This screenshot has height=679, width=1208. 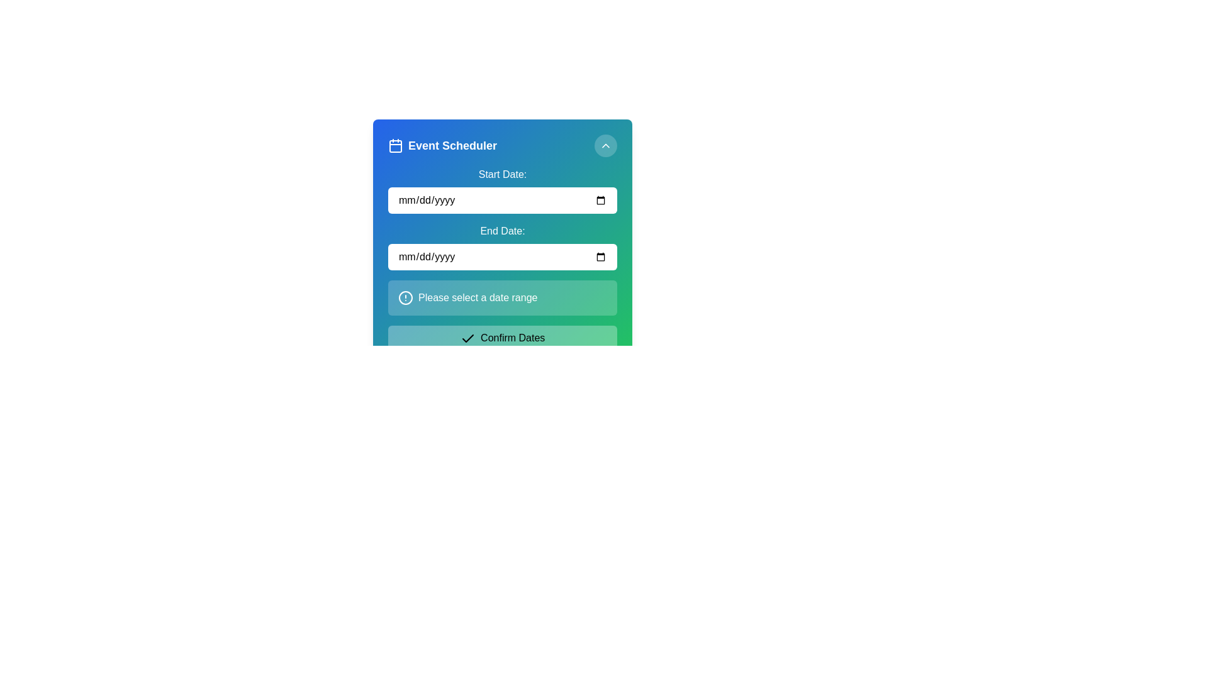 I want to click on the small upward-pointing chevron icon located at the top right corner of the UI header, which is styled with a hollow triangular shape and sharp edges, so click(x=606, y=145).